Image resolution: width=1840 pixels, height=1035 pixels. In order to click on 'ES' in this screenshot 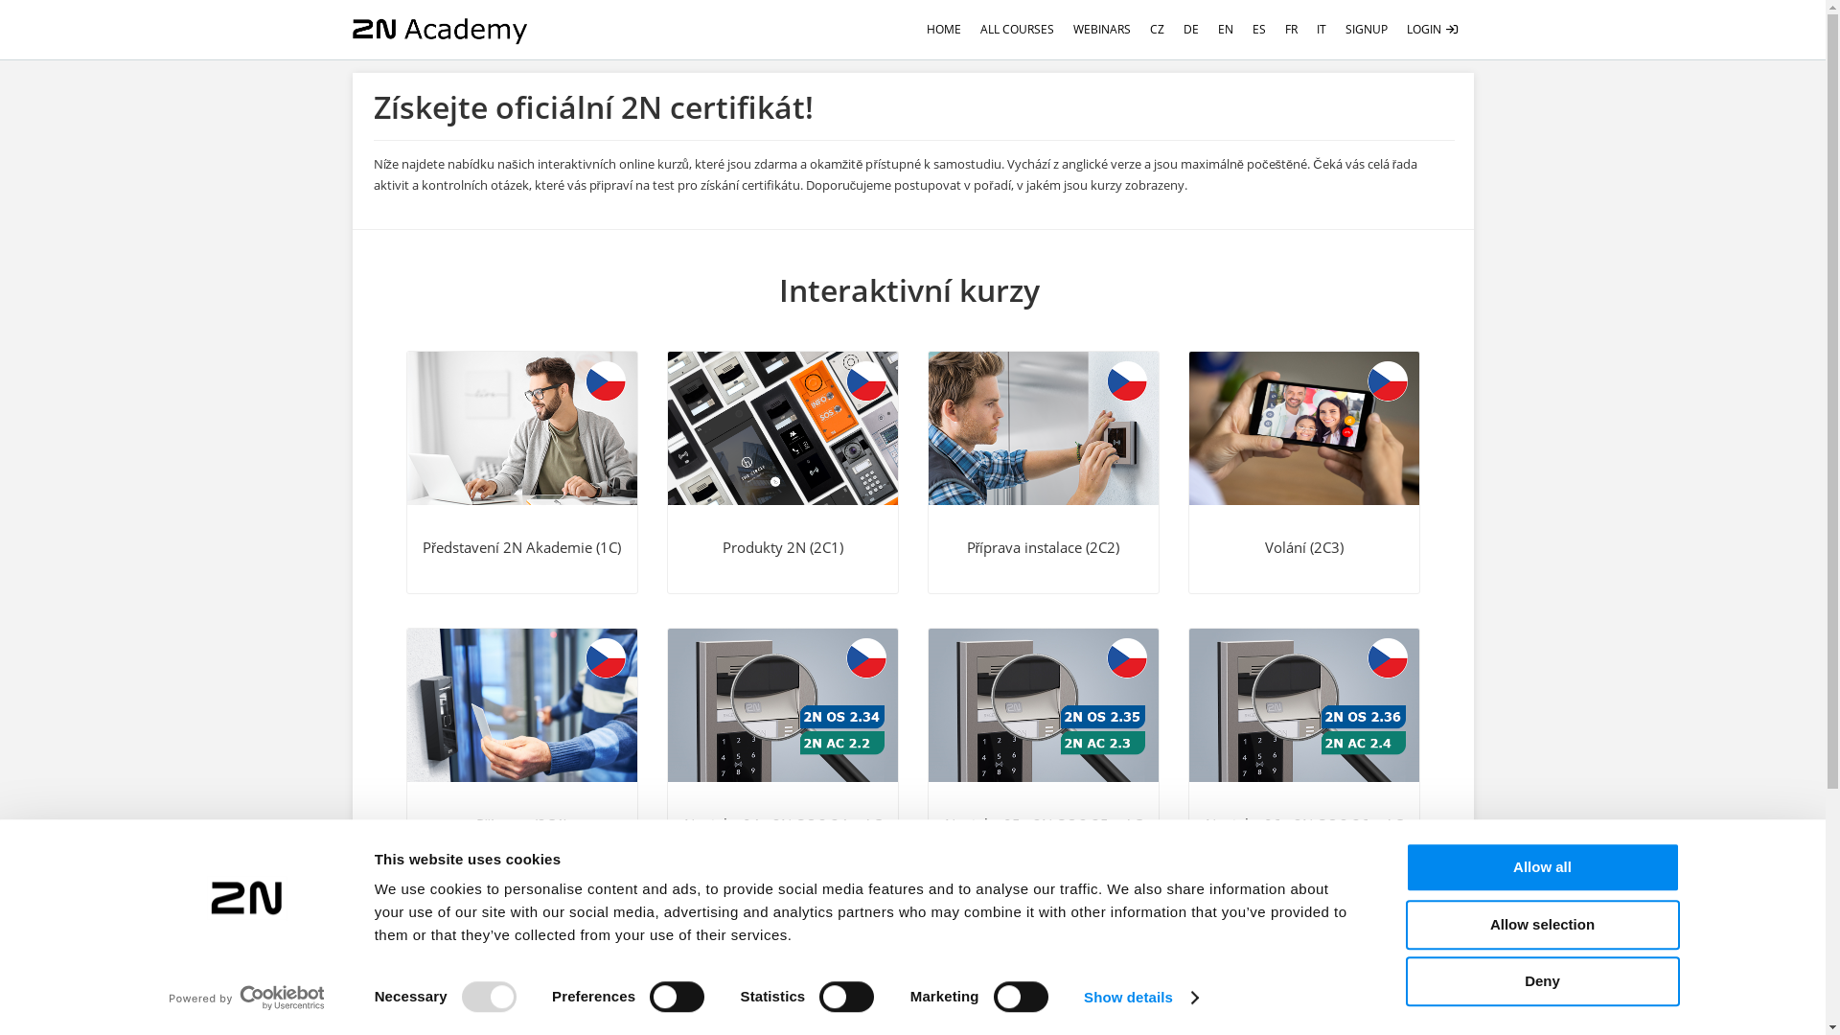, I will do `click(1259, 29)`.